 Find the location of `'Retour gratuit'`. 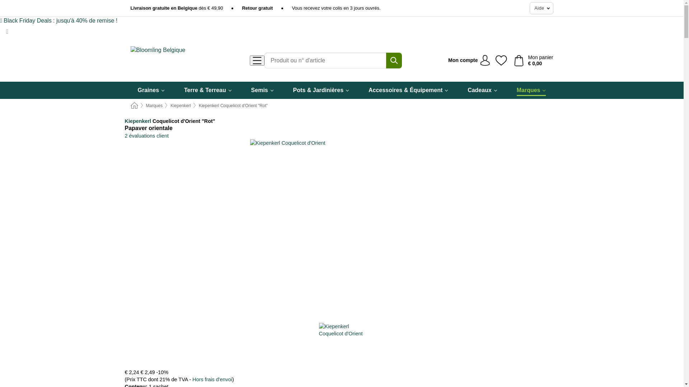

'Retour gratuit' is located at coordinates (257, 8).